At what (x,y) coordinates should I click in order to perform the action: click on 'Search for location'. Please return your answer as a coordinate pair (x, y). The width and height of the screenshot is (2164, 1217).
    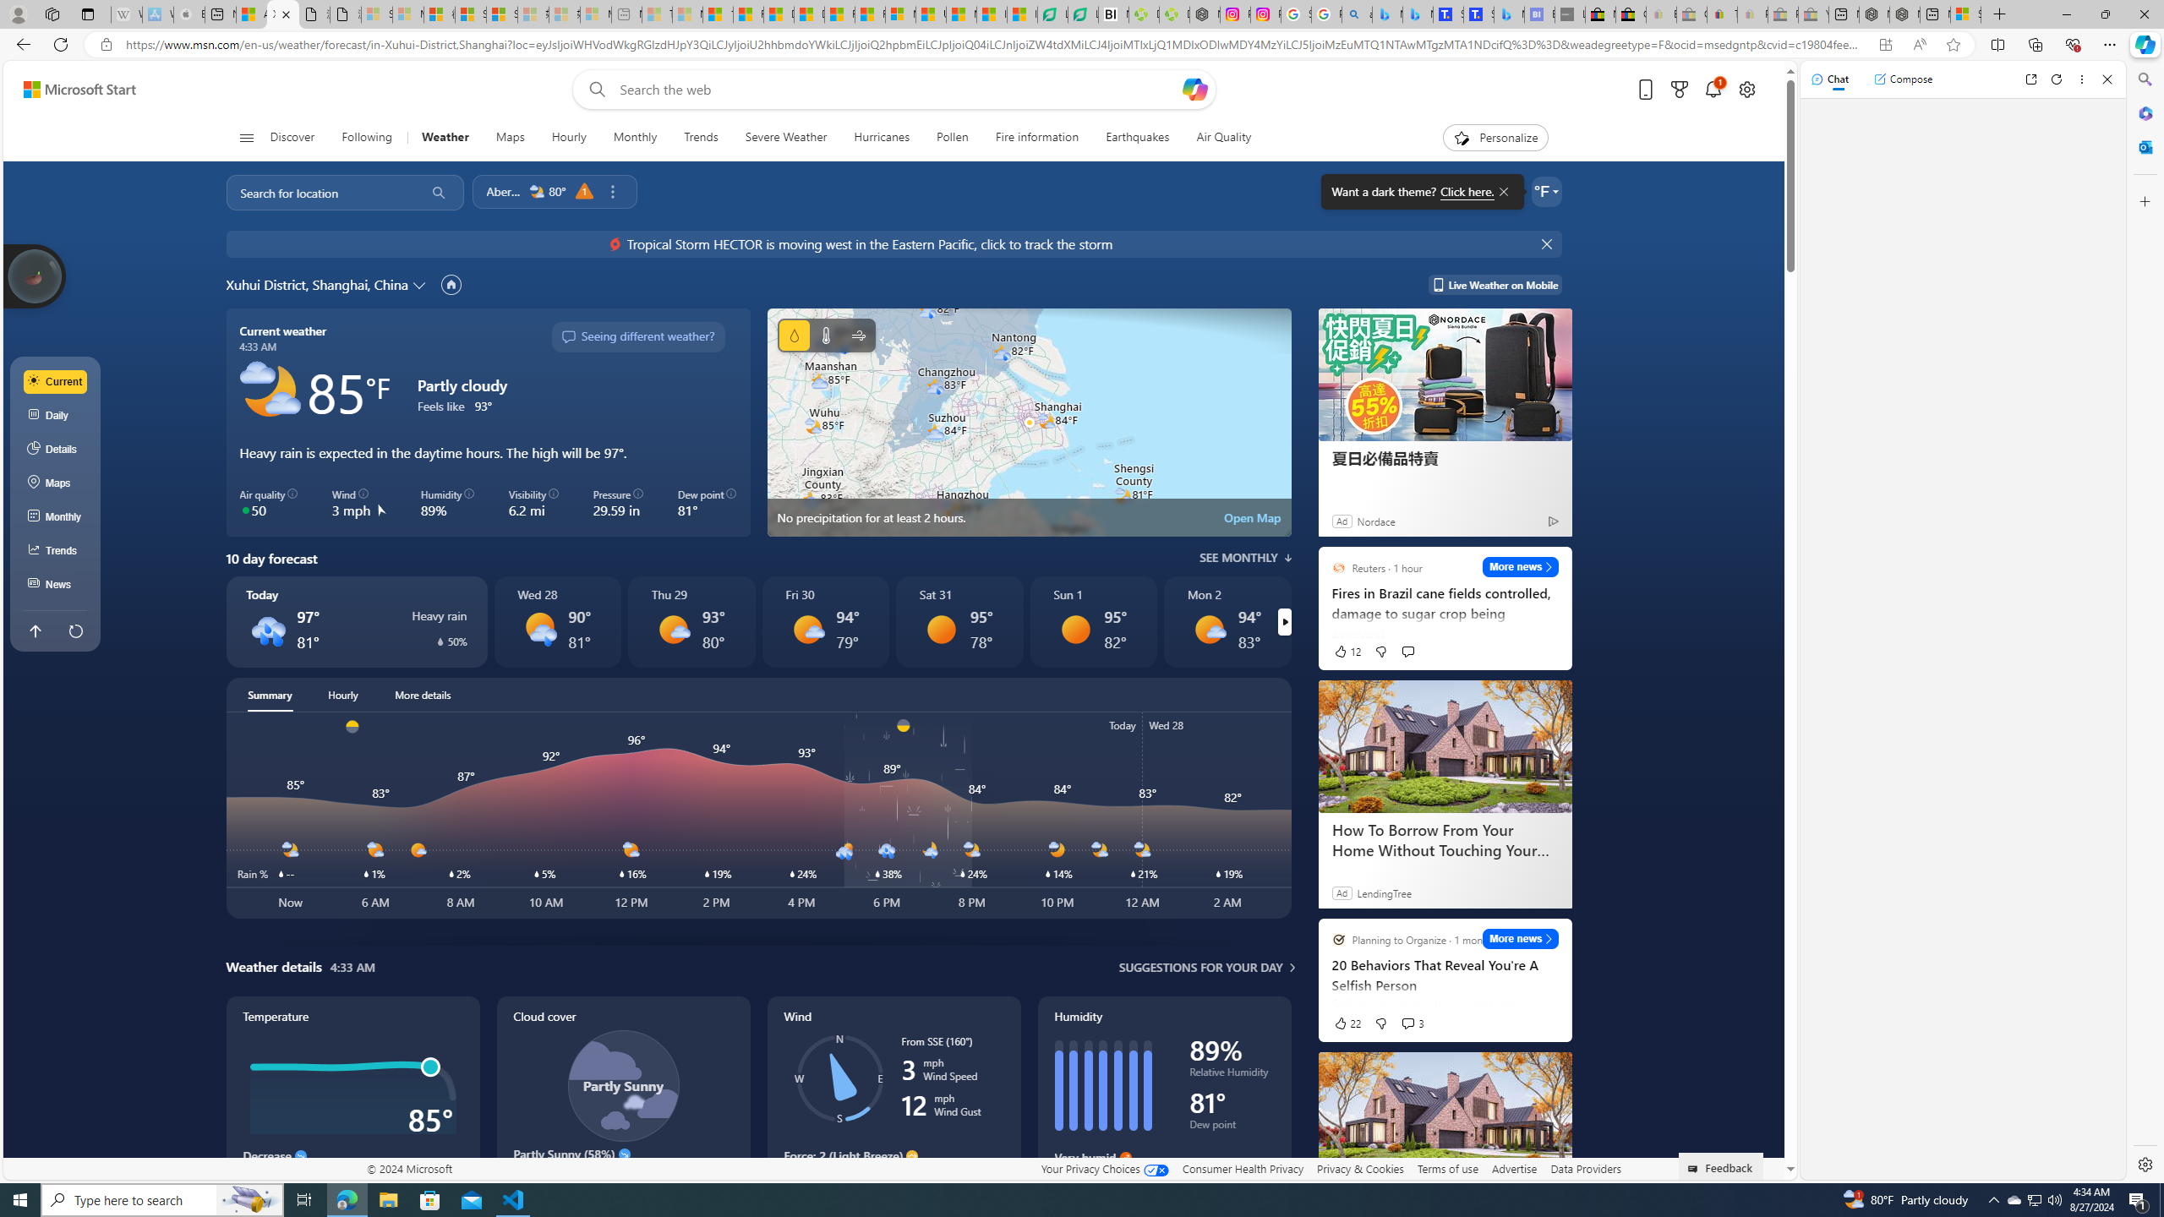
    Looking at the image, I should click on (320, 191).